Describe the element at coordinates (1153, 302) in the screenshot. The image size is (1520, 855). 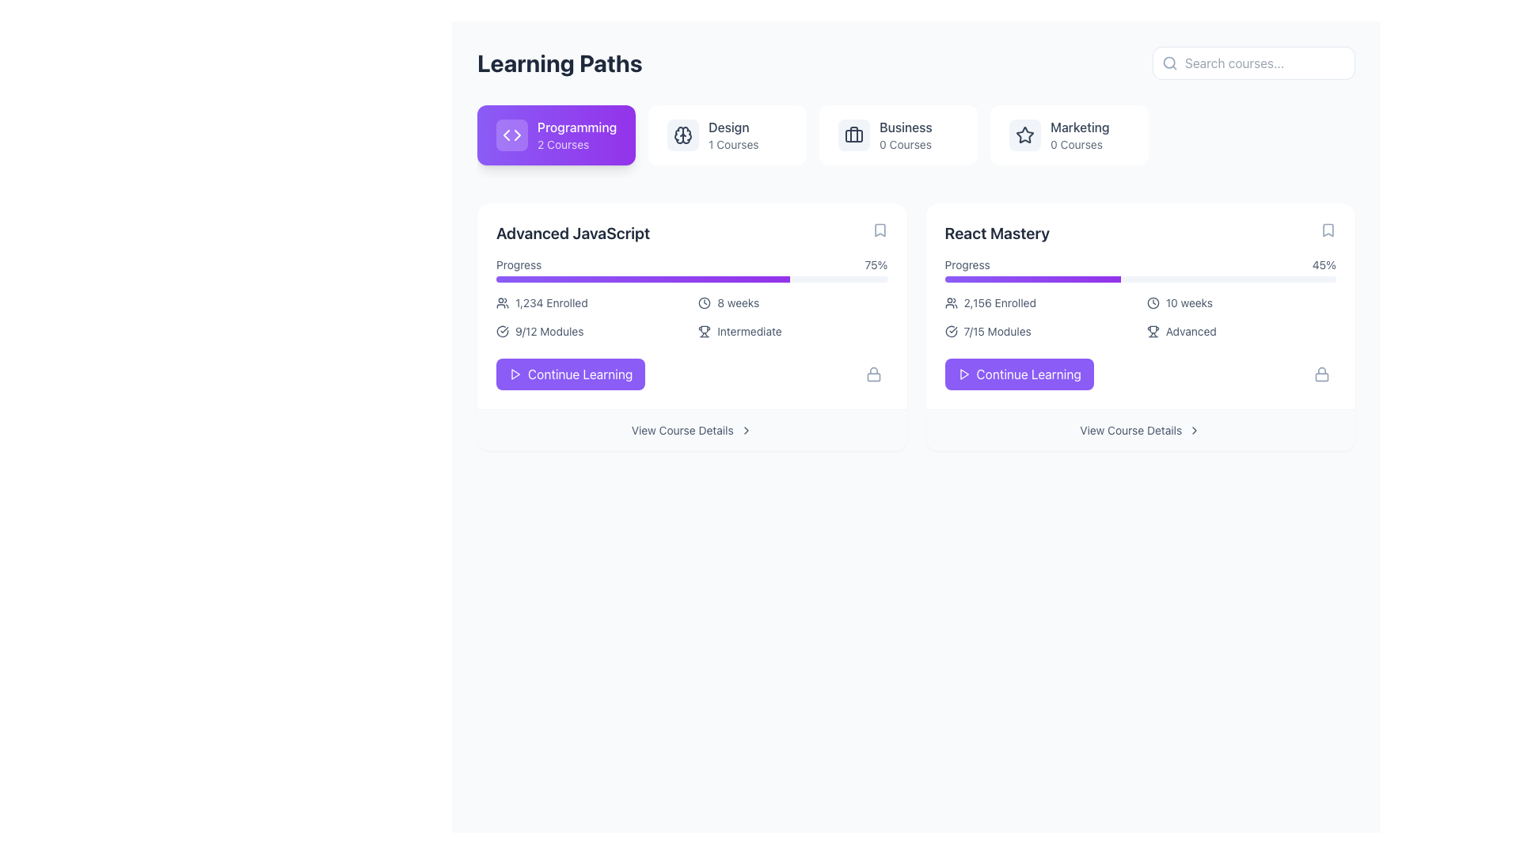
I see `the outer circle of the clock icon located within the React Mastery card under the '10 weeks' section` at that location.